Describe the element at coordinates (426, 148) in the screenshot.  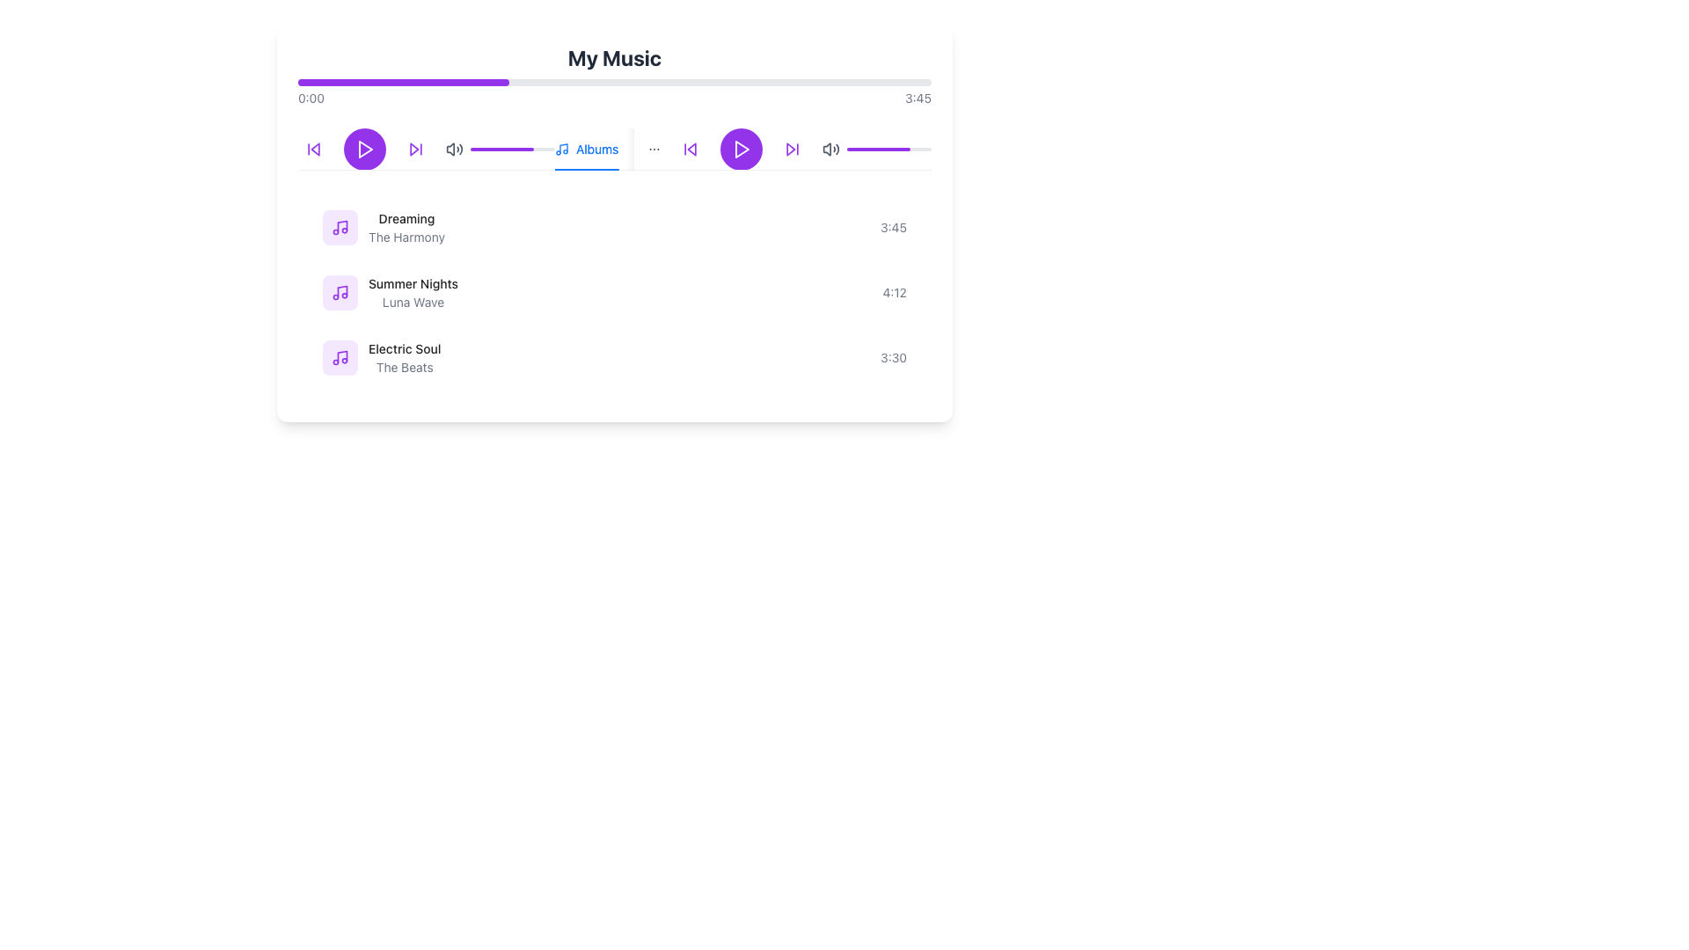
I see `the skip button on the media control bar located centrally in the upper section of the interface` at that location.